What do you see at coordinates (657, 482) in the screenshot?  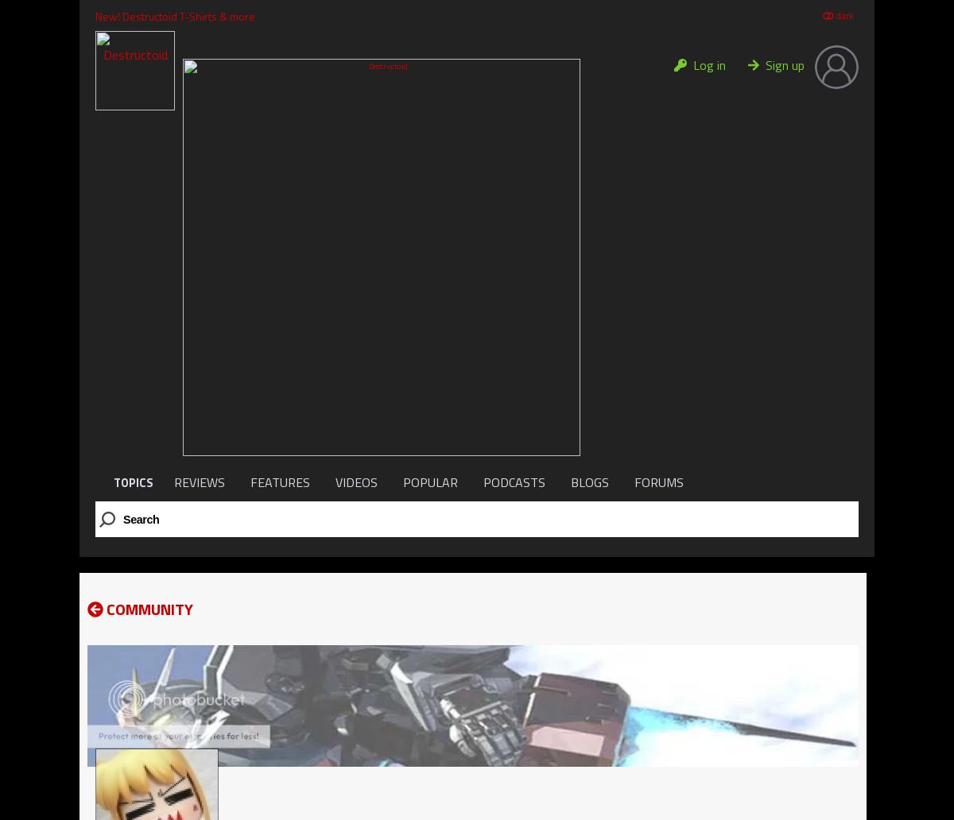 I see `'FORUMS'` at bounding box center [657, 482].